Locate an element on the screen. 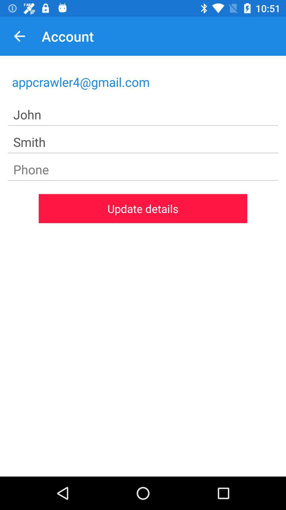 The image size is (286, 510). item below the john item is located at coordinates (143, 142).